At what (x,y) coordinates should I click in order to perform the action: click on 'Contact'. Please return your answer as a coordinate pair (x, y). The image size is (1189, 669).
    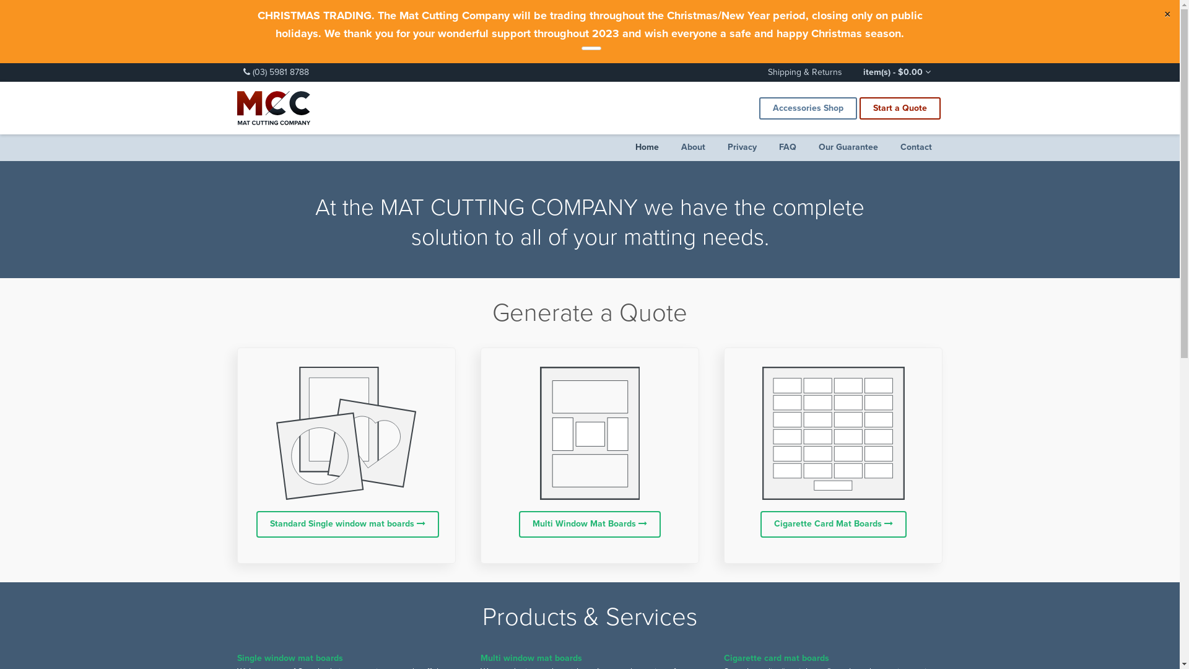
    Looking at the image, I should click on (916, 147).